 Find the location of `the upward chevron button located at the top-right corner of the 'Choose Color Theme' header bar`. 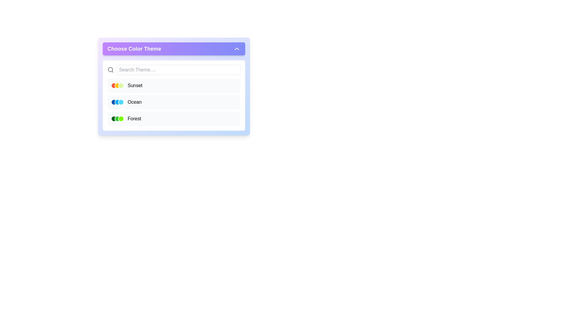

the upward chevron button located at the top-right corner of the 'Choose Color Theme' header bar is located at coordinates (236, 49).